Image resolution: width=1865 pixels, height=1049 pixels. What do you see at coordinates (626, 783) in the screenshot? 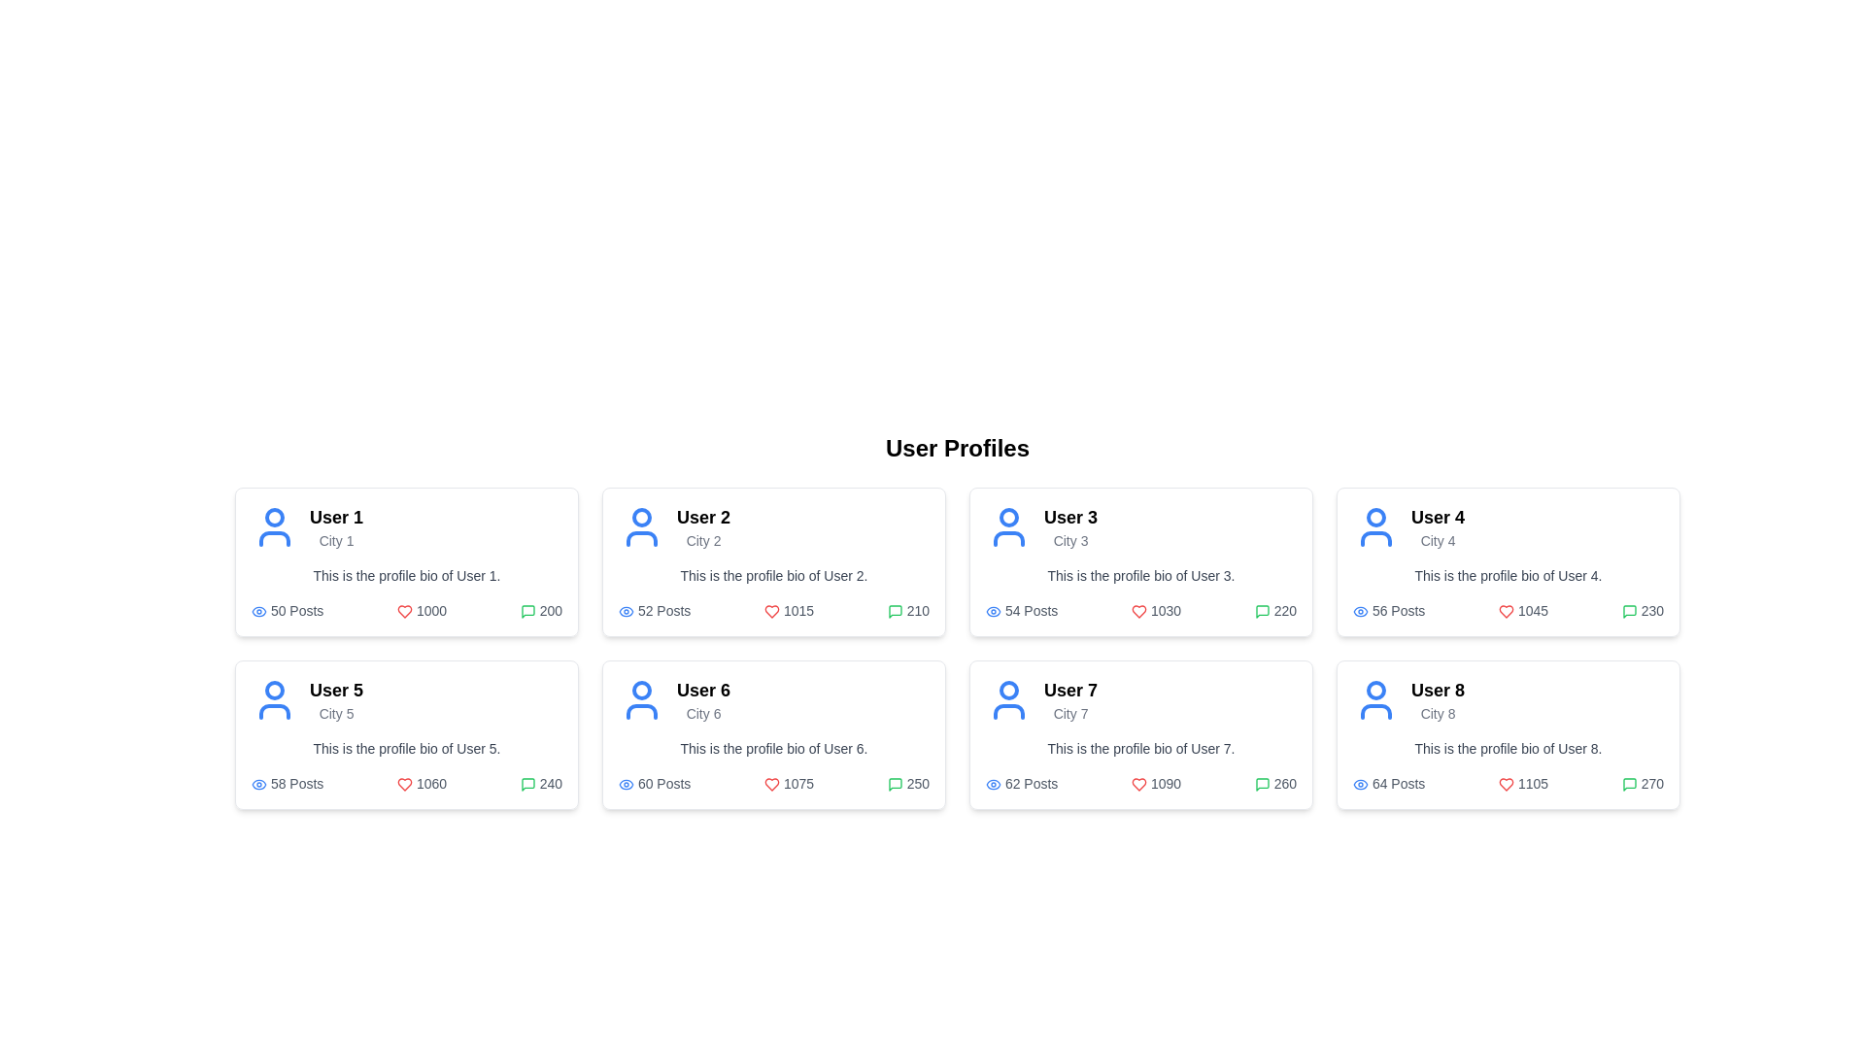
I see `the eye-shaped icon representing the view count for 'User 6' in the profile card, located in the lower right quadrant of the interface` at bounding box center [626, 783].